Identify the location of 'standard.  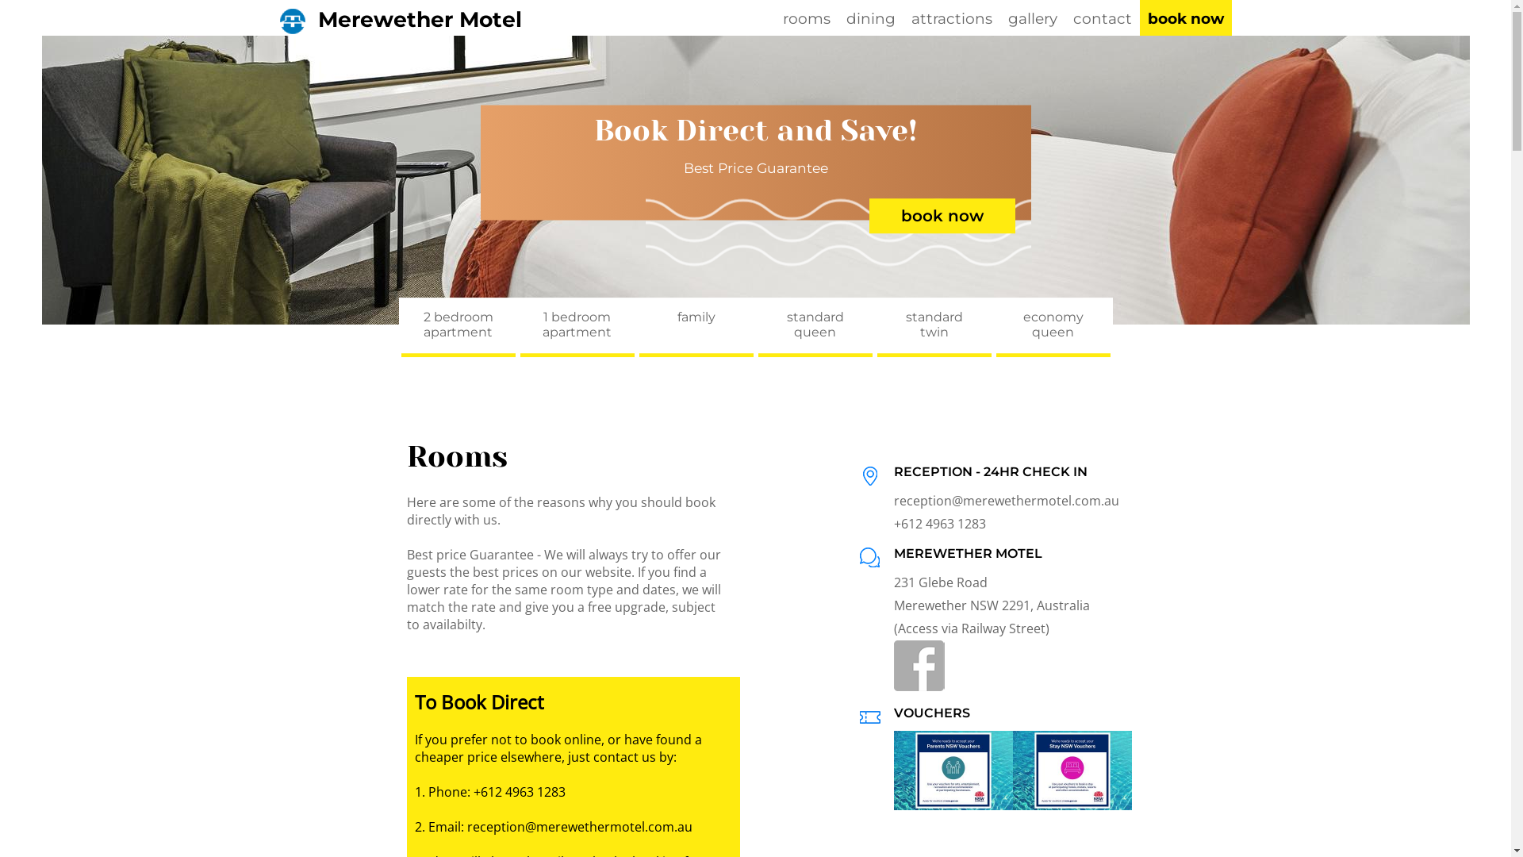
(933, 329).